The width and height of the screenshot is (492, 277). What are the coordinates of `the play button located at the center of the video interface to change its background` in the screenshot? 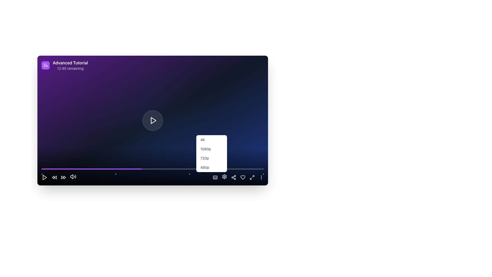 It's located at (152, 121).